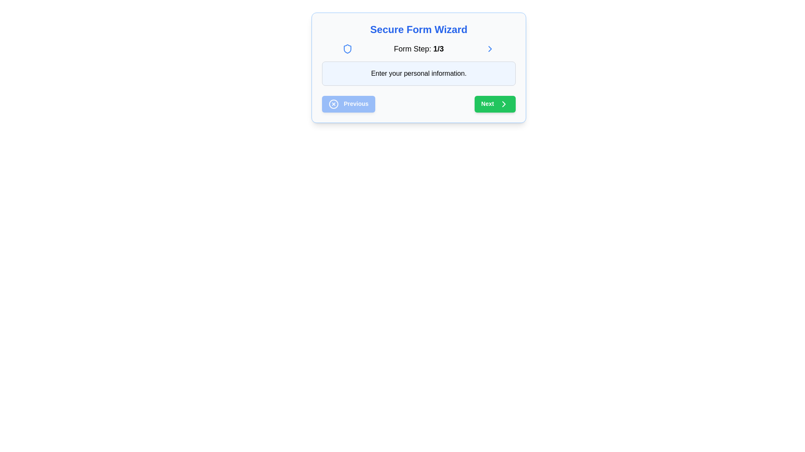 This screenshot has width=805, height=452. I want to click on the security icon located in the header of the form wizard interface, positioned left of the text 'Form Step: 1/3', to associate it as a symbol, so click(348, 49).